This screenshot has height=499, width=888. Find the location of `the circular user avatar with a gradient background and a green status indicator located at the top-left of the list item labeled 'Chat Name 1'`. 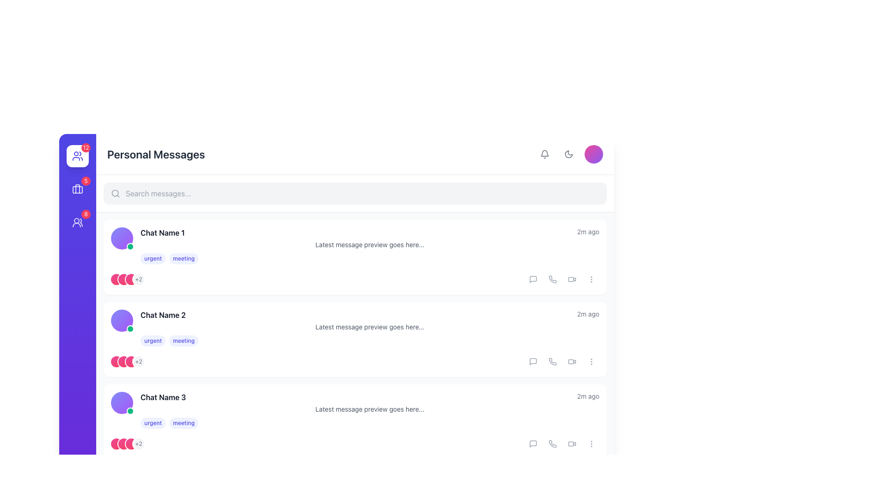

the circular user avatar with a gradient background and a green status indicator located at the top-left of the list item labeled 'Chat Name 1' is located at coordinates (122, 238).